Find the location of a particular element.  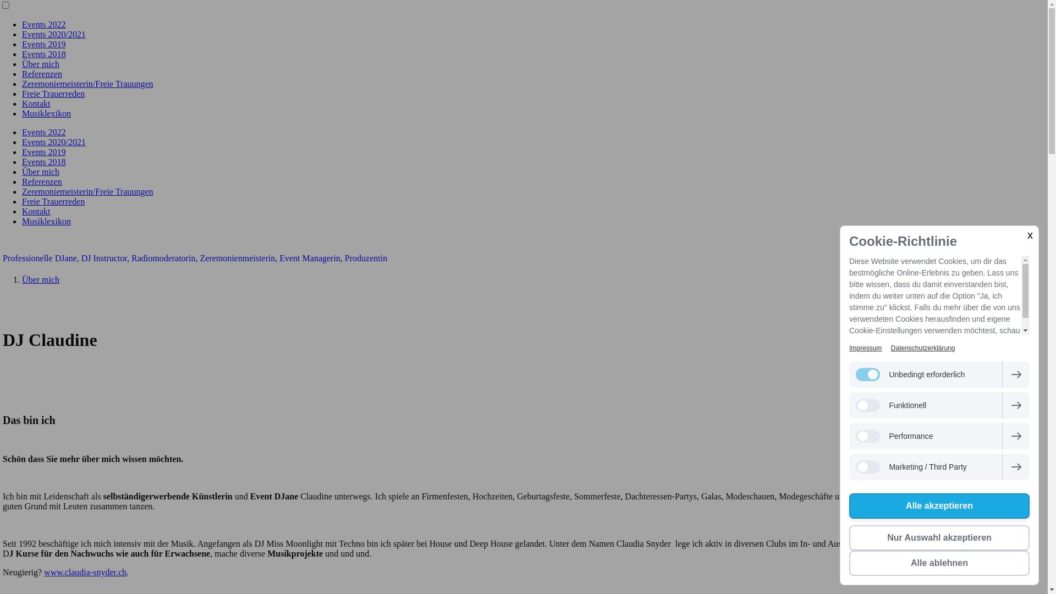

'Musiklexikon' is located at coordinates (46, 113).